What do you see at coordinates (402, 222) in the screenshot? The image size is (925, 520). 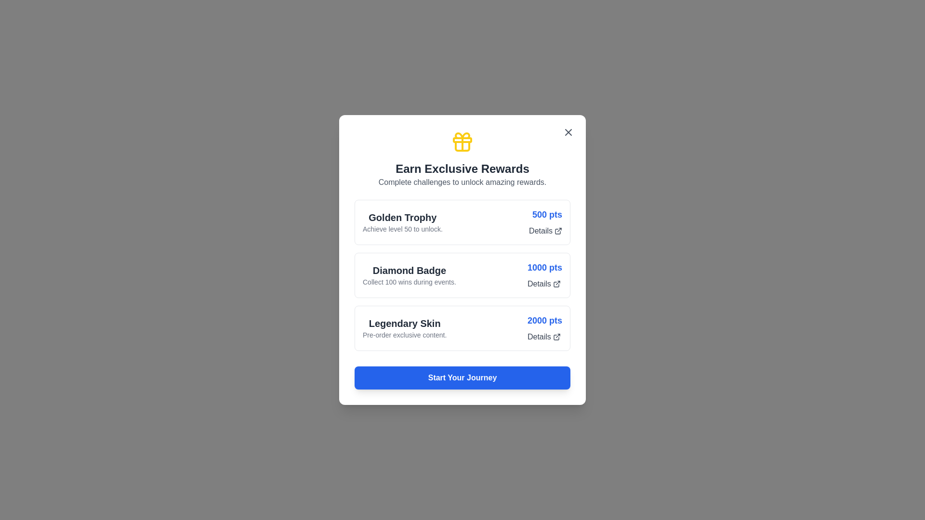 I see `the 'Golden Trophy' text display that shows the title in bold font and a smaller description below, located at the top of the list in the modal labeled 'Earn Exclusive Rewards'` at bounding box center [402, 222].